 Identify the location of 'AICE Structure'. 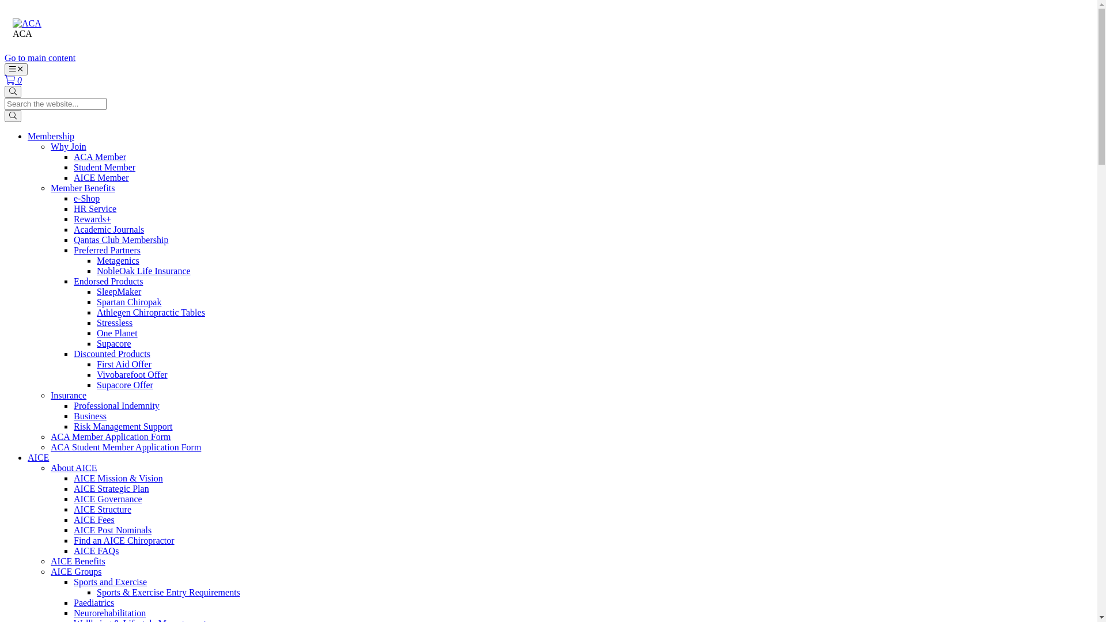
(73, 509).